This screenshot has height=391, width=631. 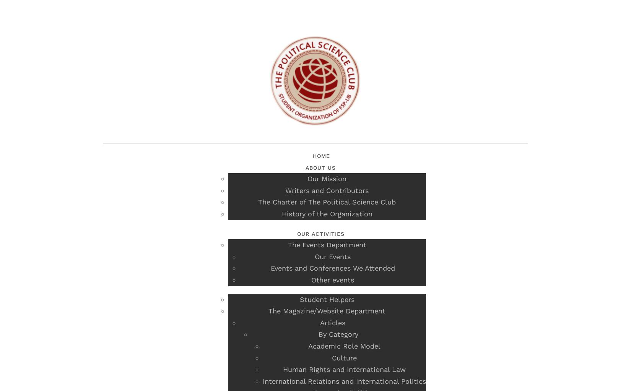 I want to click on 'Other events', so click(x=333, y=279).